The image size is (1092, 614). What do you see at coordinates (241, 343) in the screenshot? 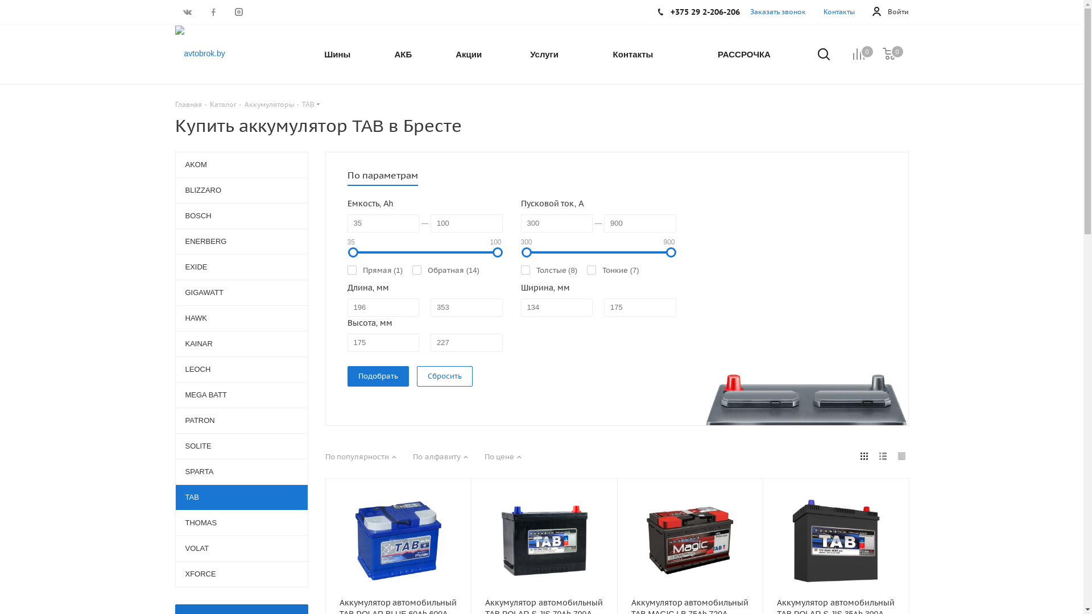
I see `'KAINAR'` at bounding box center [241, 343].